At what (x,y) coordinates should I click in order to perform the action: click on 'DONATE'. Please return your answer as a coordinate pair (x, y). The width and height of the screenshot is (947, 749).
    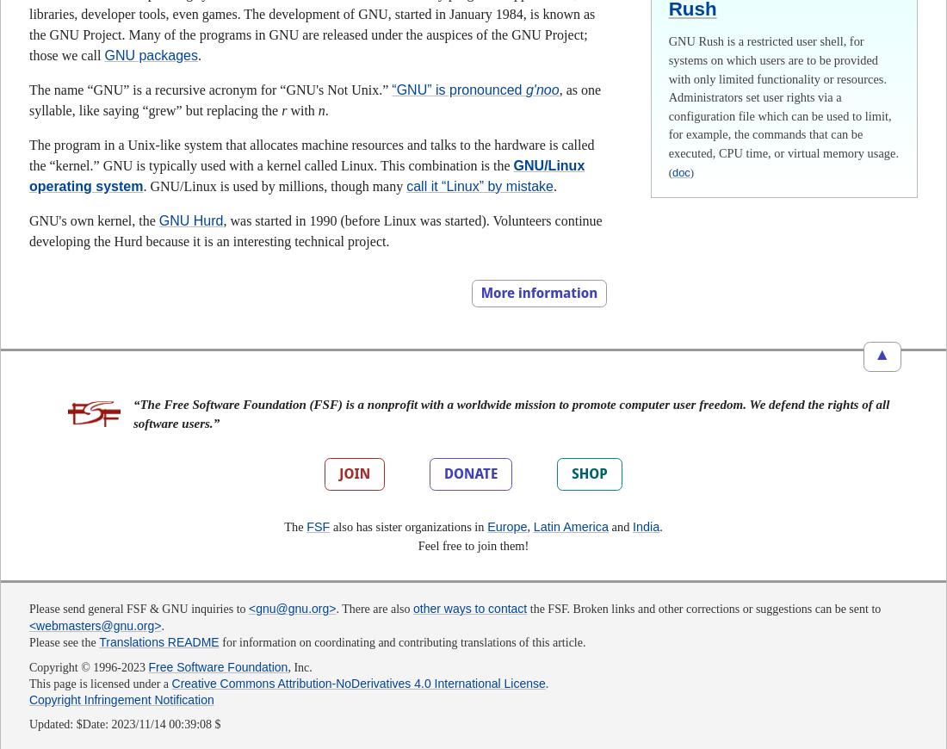
    Looking at the image, I should click on (471, 473).